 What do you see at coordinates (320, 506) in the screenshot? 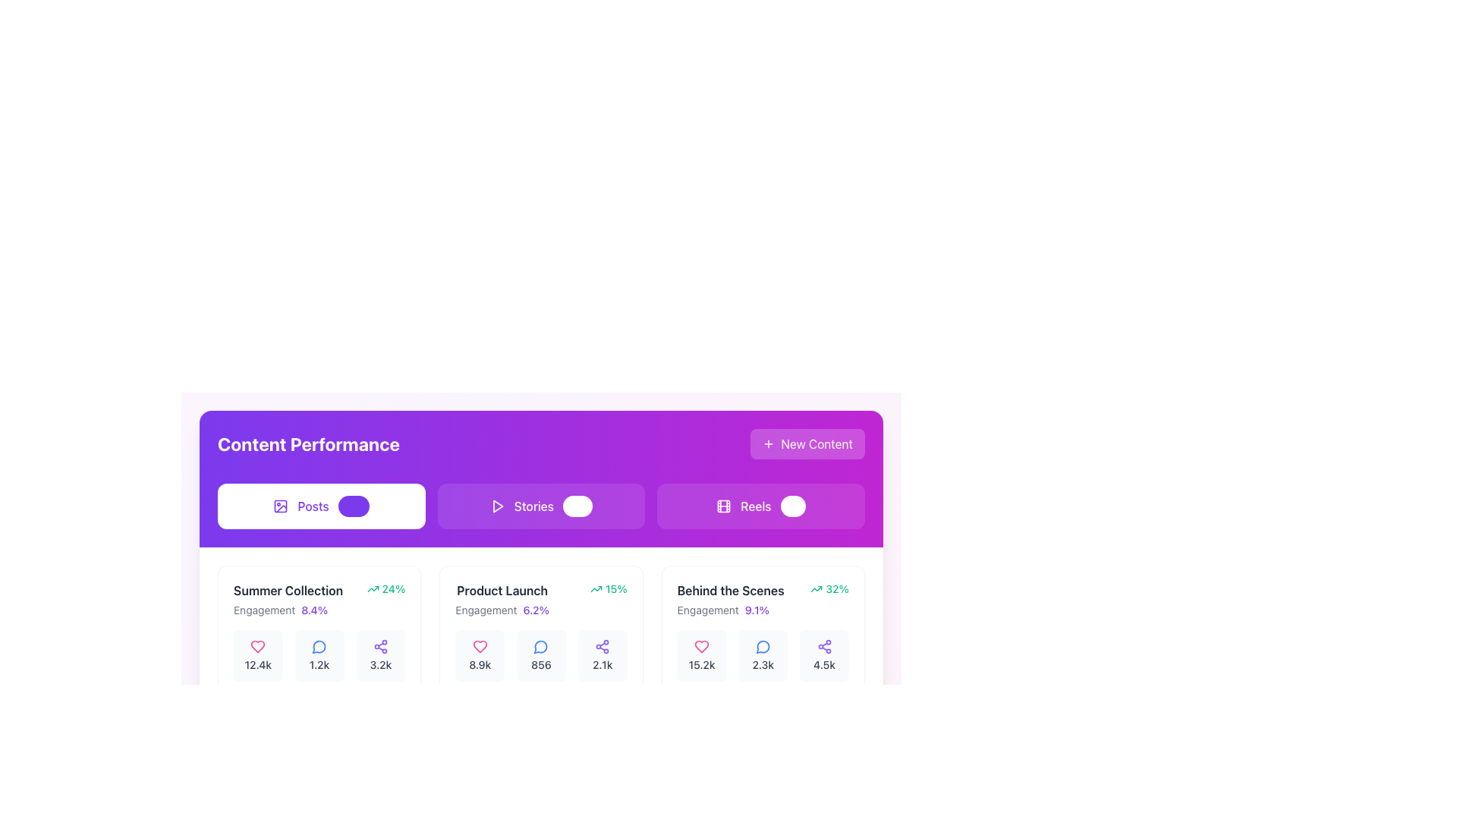
I see `the 'Posts' button with a white background and a photo icon to filter or display posts` at bounding box center [320, 506].